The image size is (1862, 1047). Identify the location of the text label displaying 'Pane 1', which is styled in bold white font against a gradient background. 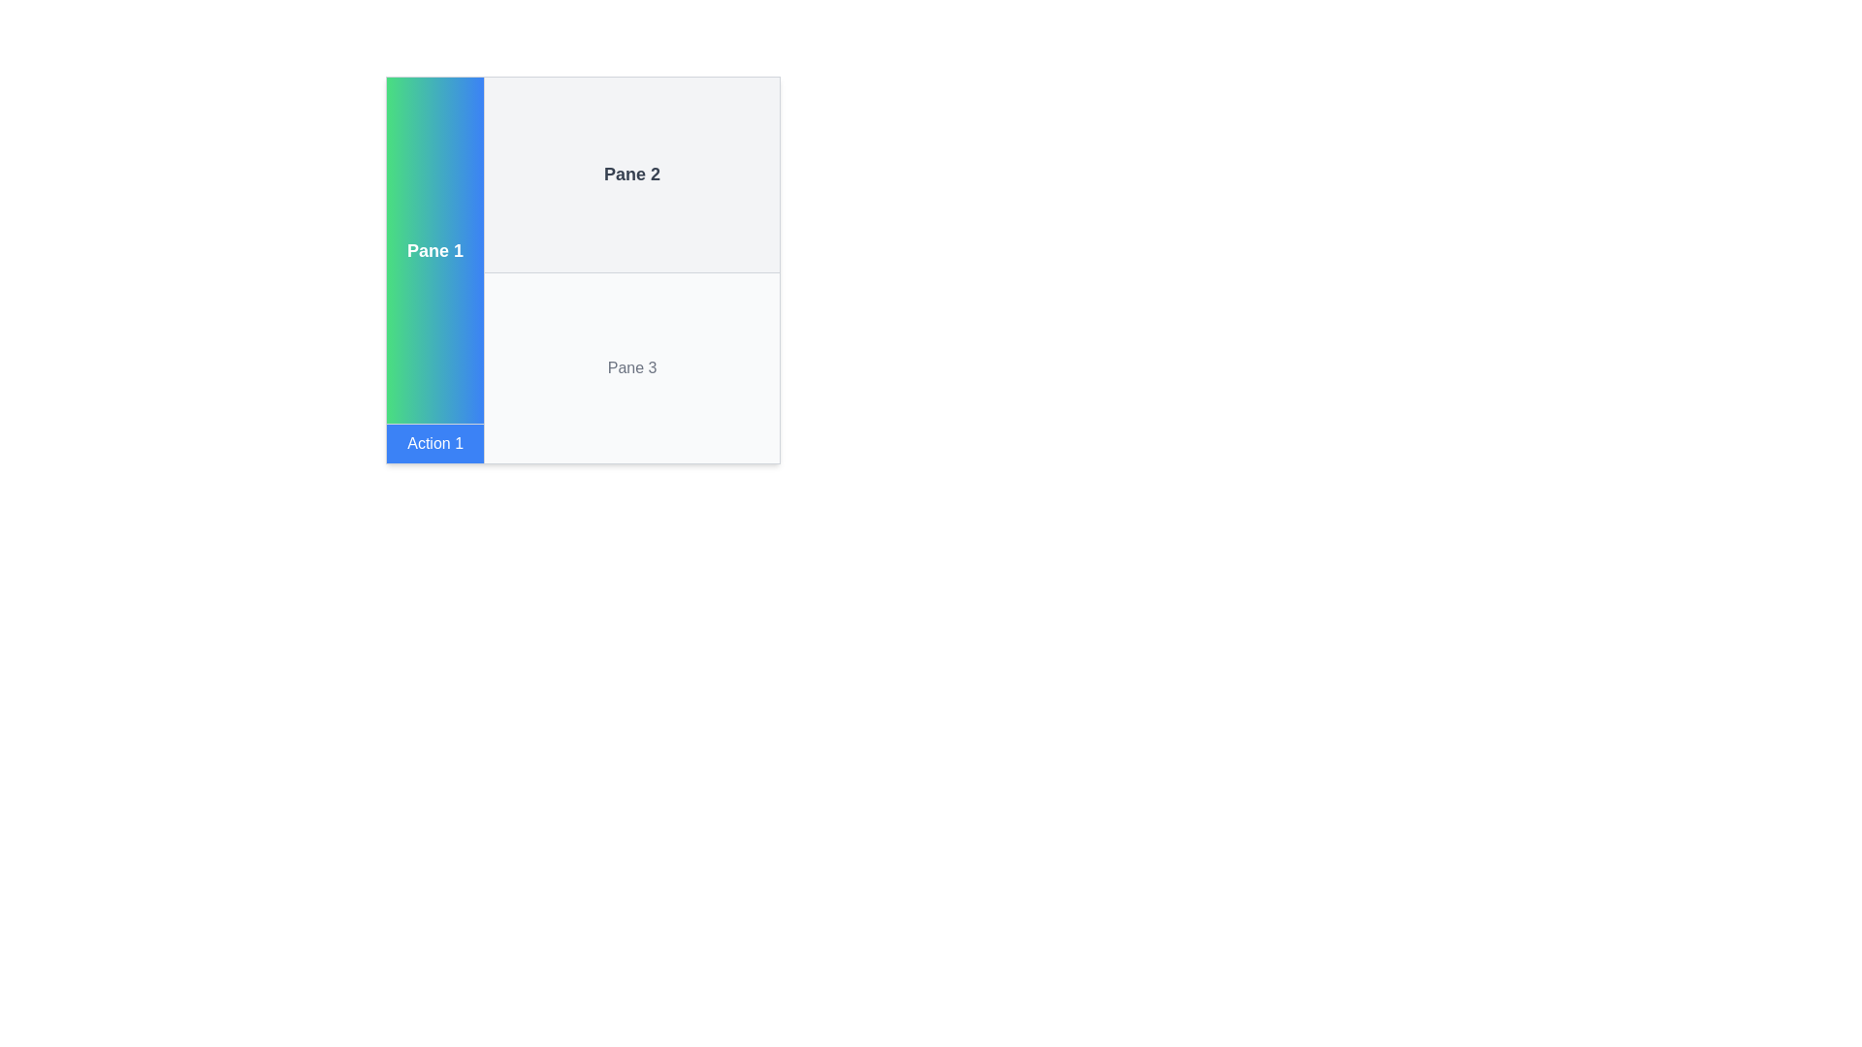
(434, 249).